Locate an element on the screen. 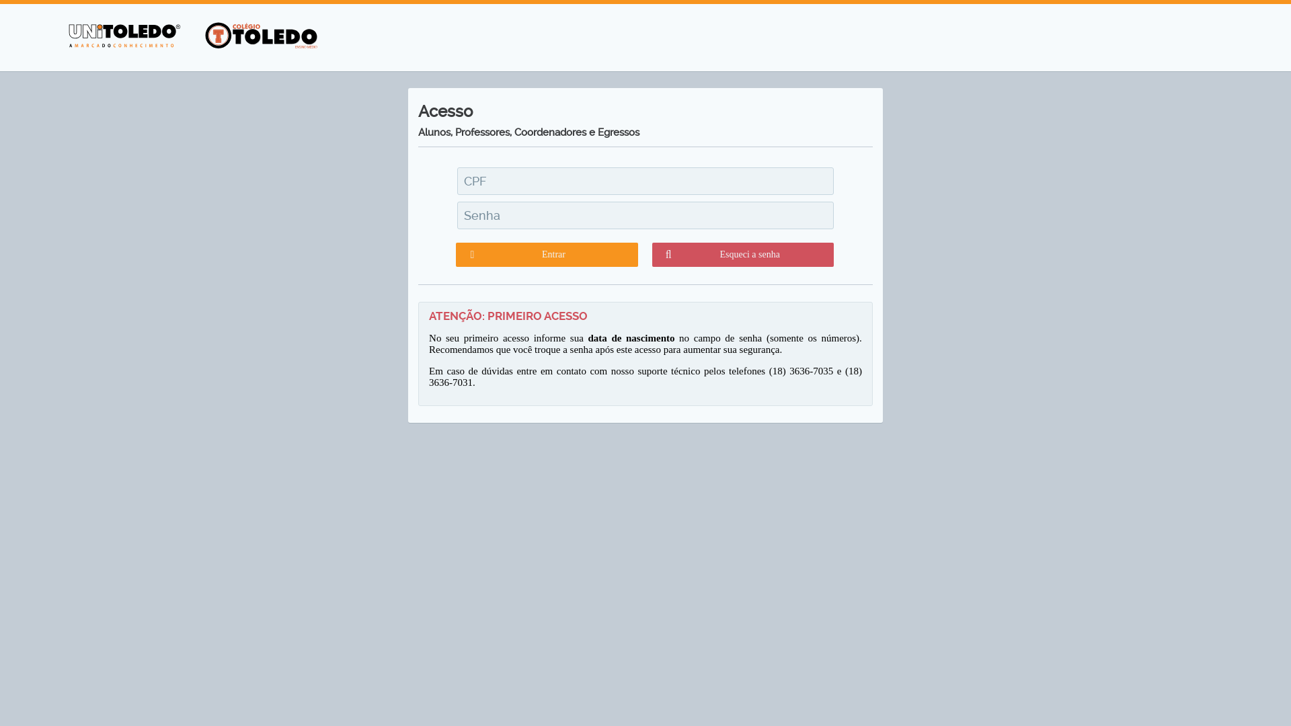 The height and width of the screenshot is (726, 1291). 'Entrar' is located at coordinates (546, 254).